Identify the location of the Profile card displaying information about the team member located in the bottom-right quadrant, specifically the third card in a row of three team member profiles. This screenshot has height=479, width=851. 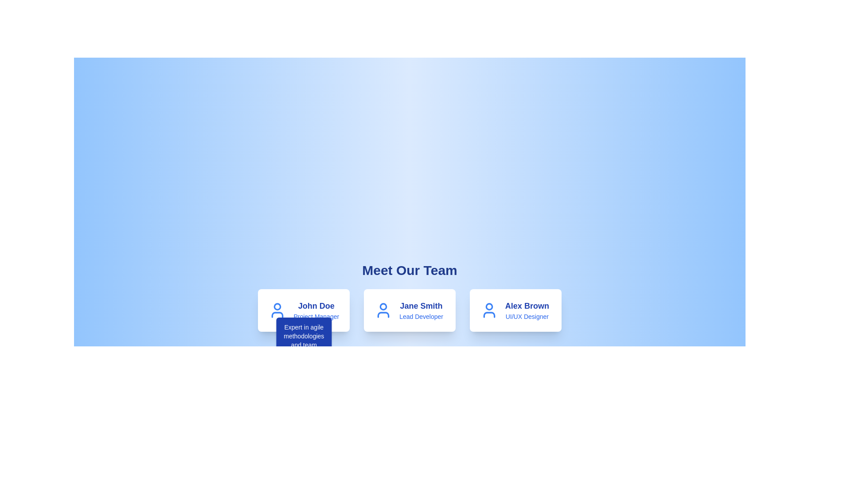
(515, 310).